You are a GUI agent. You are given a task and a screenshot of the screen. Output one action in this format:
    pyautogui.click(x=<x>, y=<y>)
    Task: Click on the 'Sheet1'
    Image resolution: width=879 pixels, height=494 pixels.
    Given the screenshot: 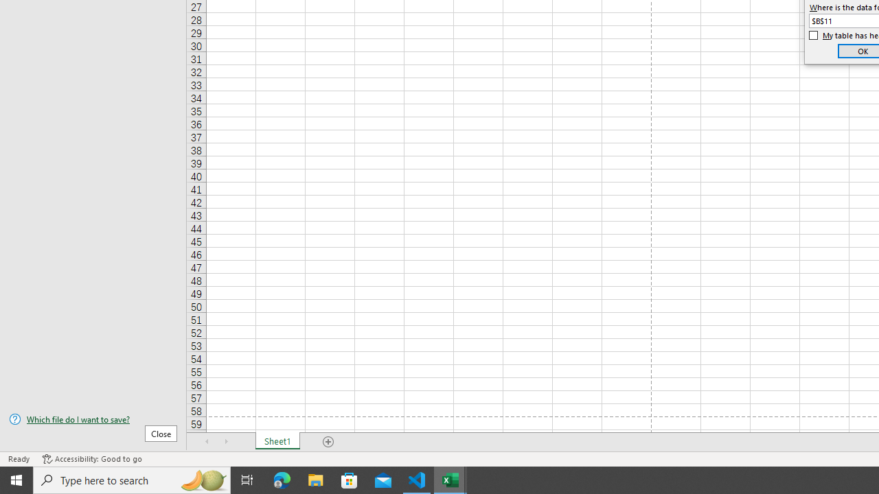 What is the action you would take?
    pyautogui.click(x=277, y=442)
    